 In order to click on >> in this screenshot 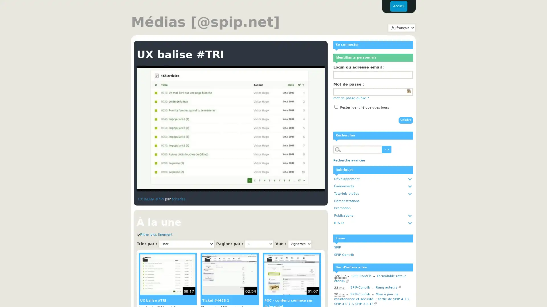, I will do `click(387, 149)`.